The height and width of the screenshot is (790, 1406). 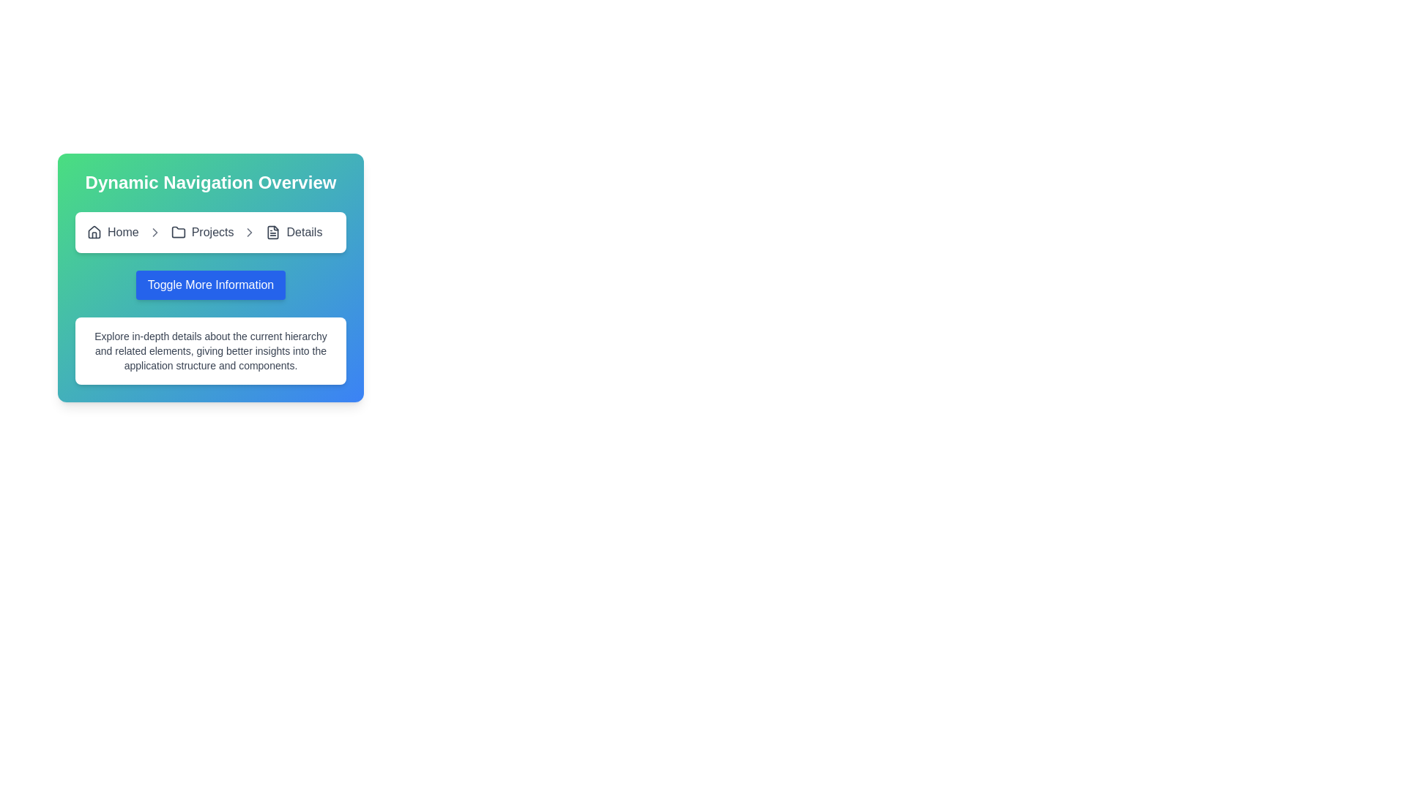 I want to click on the SVG graphic element representing the file icon for the 'Details' section located in the navigation bar, so click(x=273, y=231).